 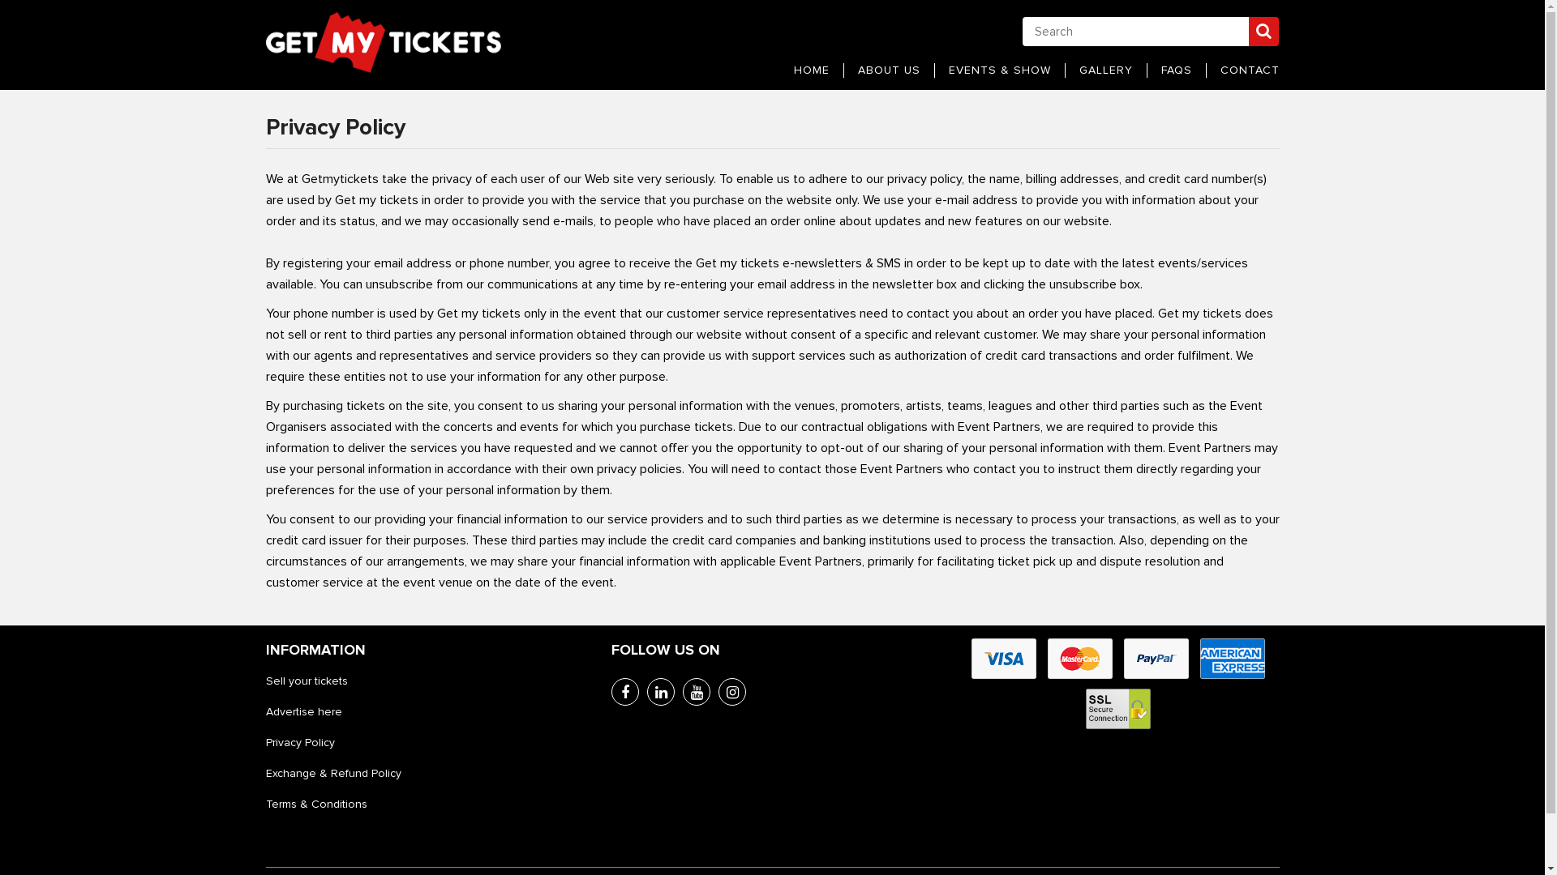 What do you see at coordinates (307, 681) in the screenshot?
I see `'Sell your tickets'` at bounding box center [307, 681].